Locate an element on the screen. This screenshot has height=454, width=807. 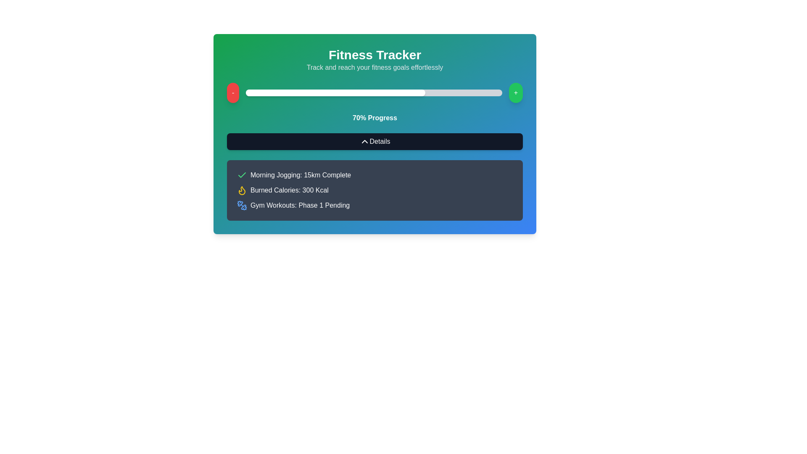
the blue dumbbell icon located to the left of the text 'Gym Workouts: Phase 1 Pending' is located at coordinates (242, 206).